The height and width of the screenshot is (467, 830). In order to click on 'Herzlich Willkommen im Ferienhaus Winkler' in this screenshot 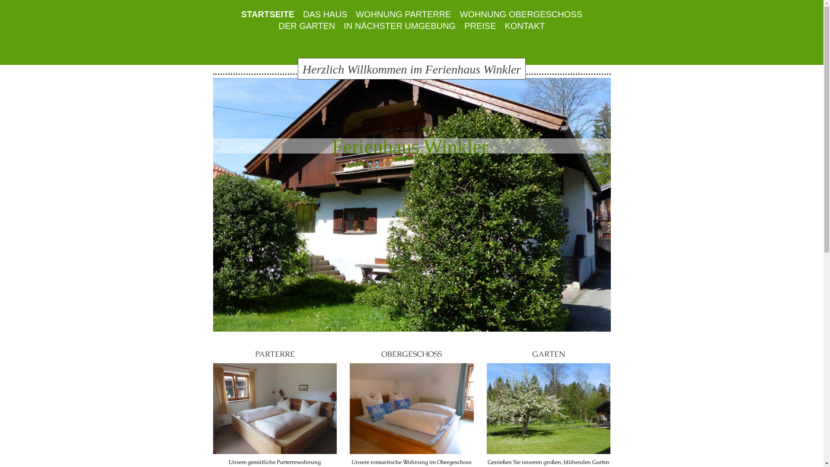, I will do `click(411, 68)`.